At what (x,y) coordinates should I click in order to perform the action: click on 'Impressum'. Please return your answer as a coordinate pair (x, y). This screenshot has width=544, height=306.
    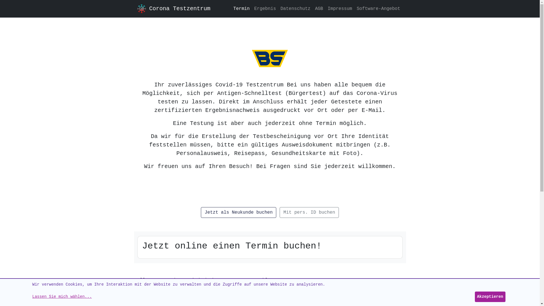
    Looking at the image, I should click on (340, 8).